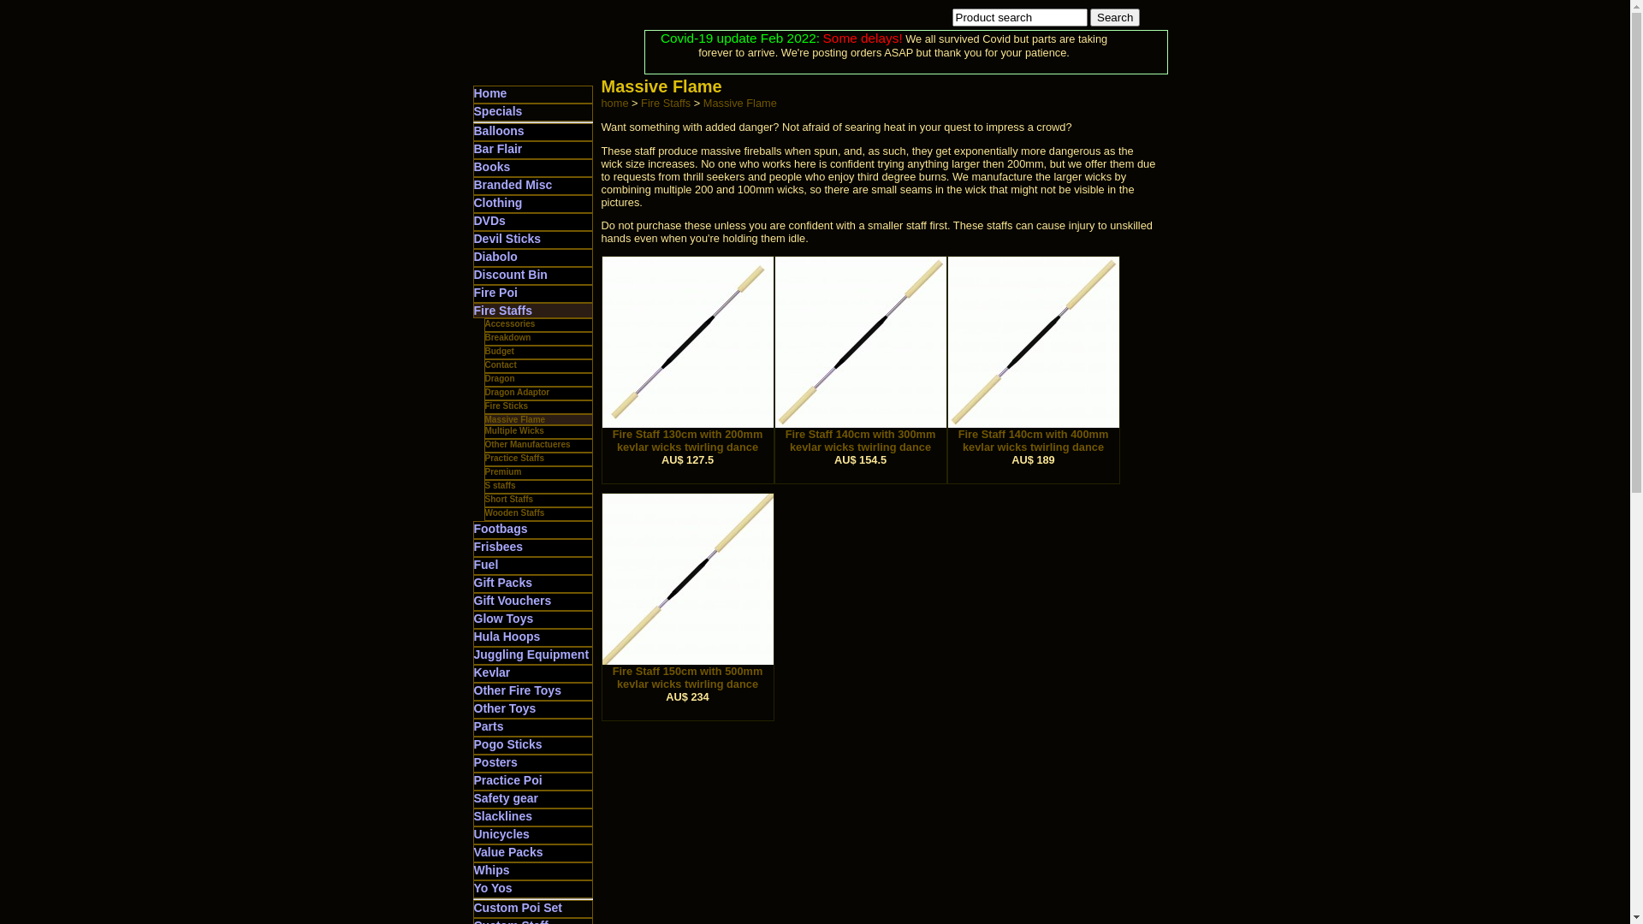 The height and width of the screenshot is (924, 1643). Describe the element at coordinates (491, 672) in the screenshot. I see `'Kevlar'` at that location.